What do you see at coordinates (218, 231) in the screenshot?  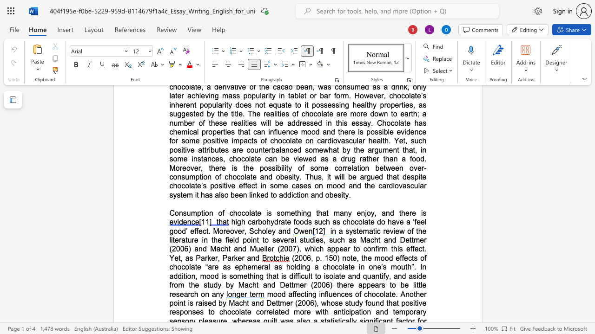 I see `the space between the continuous character "M" and "o" in the text` at bounding box center [218, 231].